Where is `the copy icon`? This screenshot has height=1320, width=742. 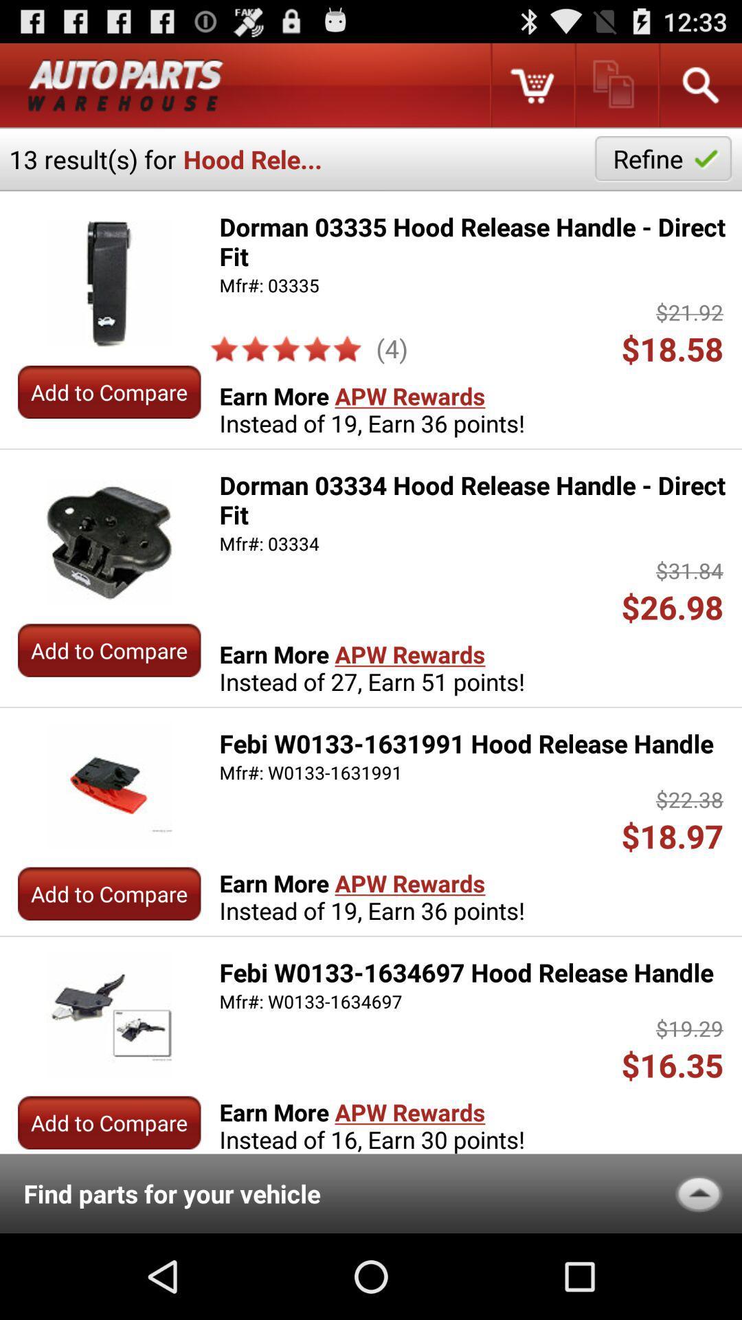 the copy icon is located at coordinates (615, 90).